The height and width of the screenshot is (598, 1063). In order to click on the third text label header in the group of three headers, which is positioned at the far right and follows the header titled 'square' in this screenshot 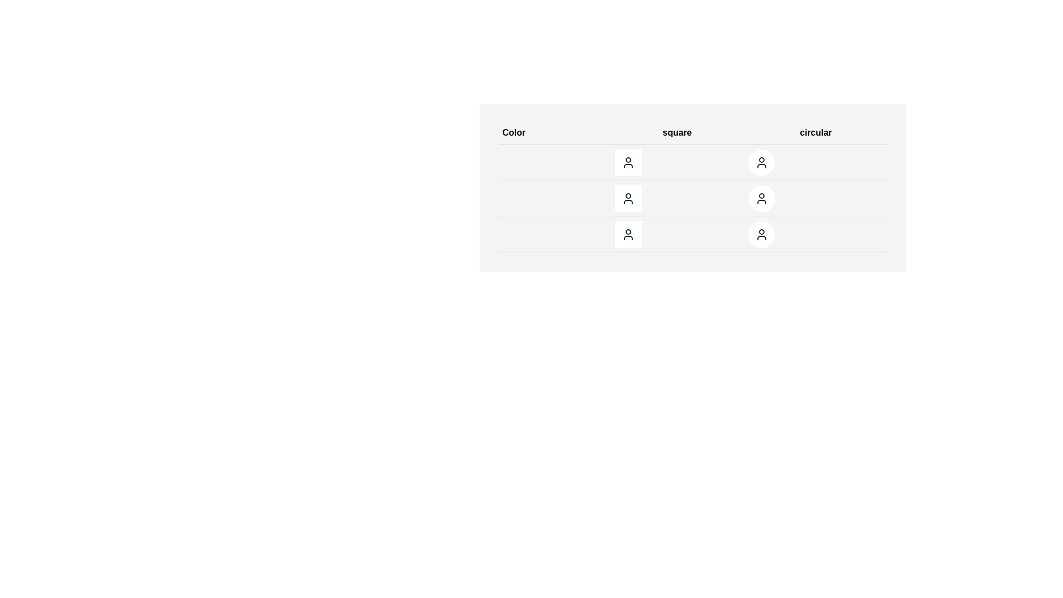, I will do `click(816, 132)`.